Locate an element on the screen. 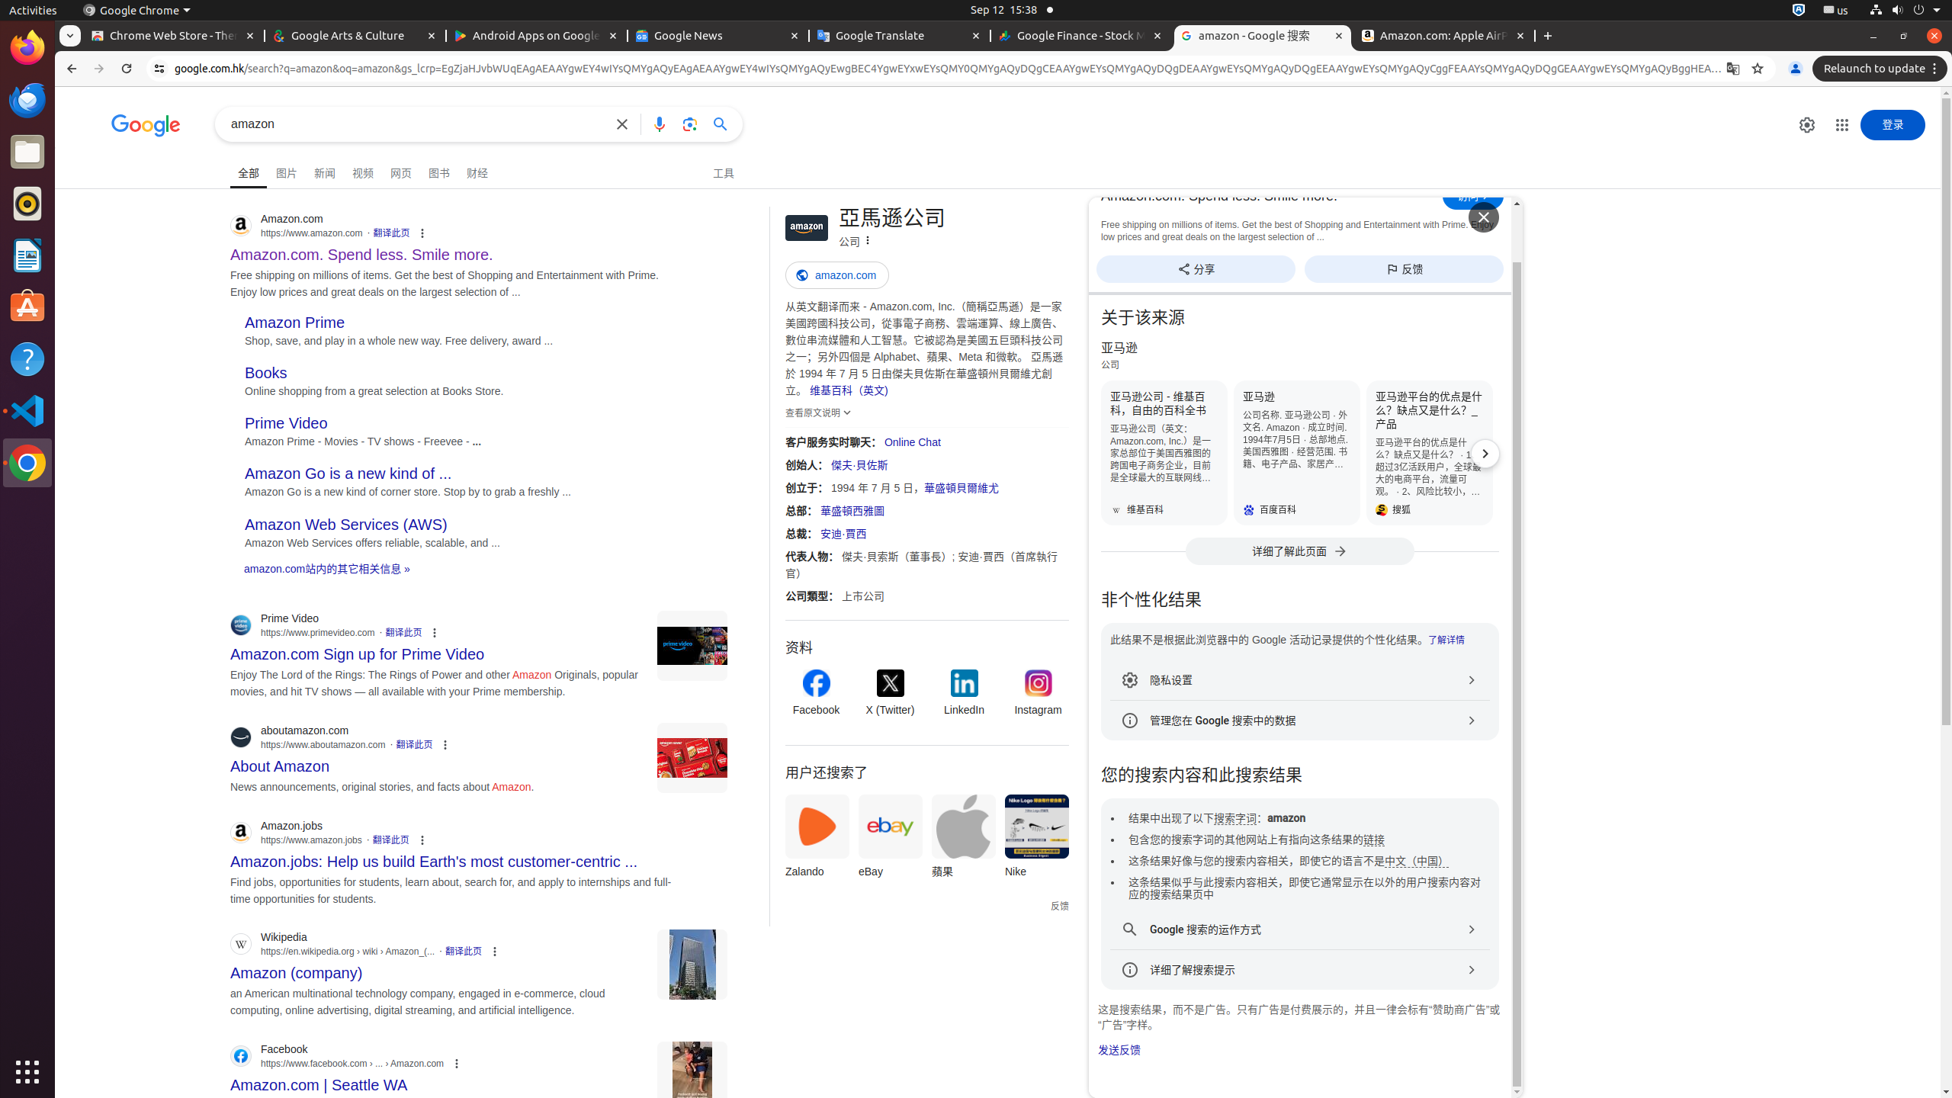 The image size is (1952, 1098). 'Google 首页' is located at coordinates (146, 126).